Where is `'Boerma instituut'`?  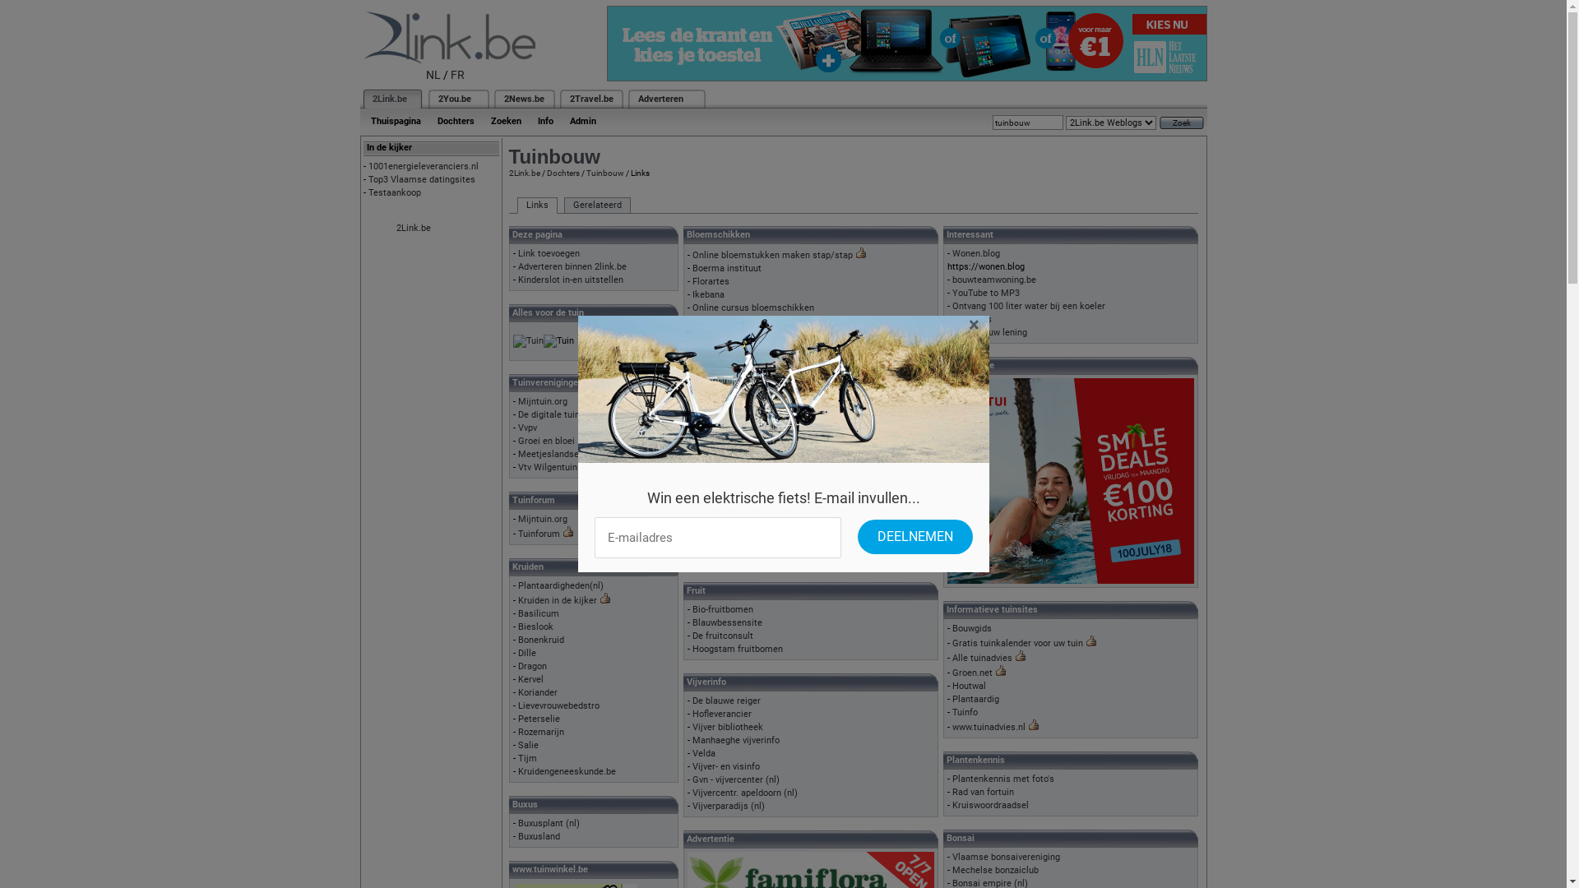 'Boerma instituut' is located at coordinates (725, 267).